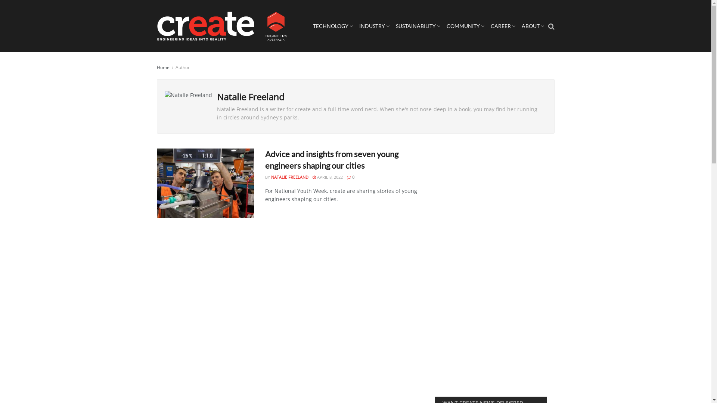  What do you see at coordinates (328, 177) in the screenshot?
I see `'APRIL 8, 2022'` at bounding box center [328, 177].